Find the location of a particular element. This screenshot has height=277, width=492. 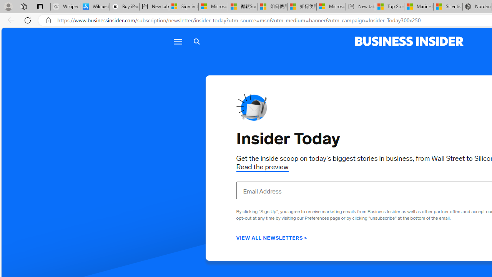

'Menu' is located at coordinates (177, 42).